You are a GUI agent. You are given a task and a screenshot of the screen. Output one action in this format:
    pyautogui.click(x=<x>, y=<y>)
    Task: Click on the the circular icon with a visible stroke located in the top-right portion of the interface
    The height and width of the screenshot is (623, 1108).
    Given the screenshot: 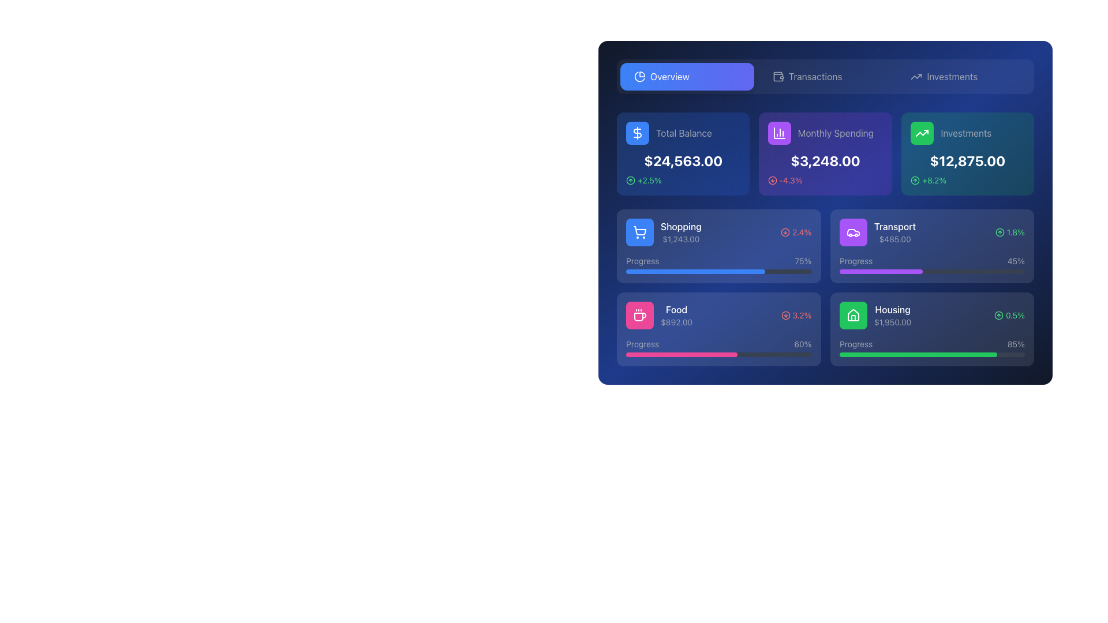 What is the action you would take?
    pyautogui.click(x=785, y=232)
    